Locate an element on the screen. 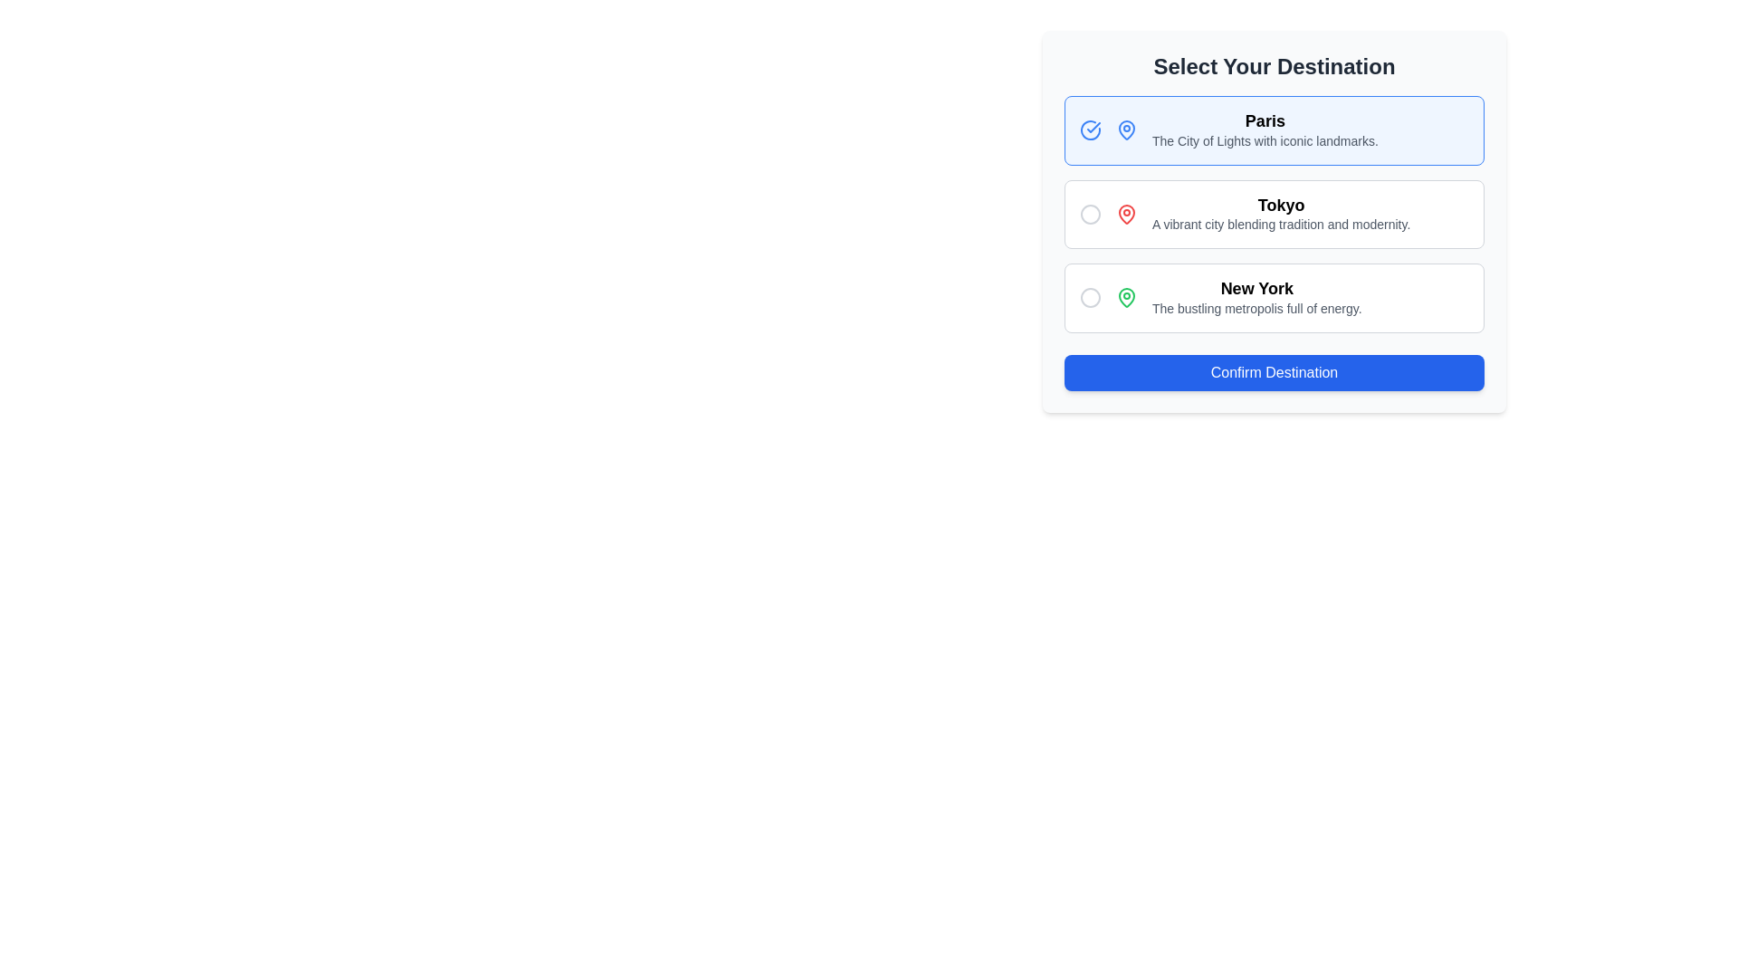 The width and height of the screenshot is (1738, 978). the second radio button indicator for the 'Tokyo' destination option using keyboard navigation is located at coordinates (1089, 213).